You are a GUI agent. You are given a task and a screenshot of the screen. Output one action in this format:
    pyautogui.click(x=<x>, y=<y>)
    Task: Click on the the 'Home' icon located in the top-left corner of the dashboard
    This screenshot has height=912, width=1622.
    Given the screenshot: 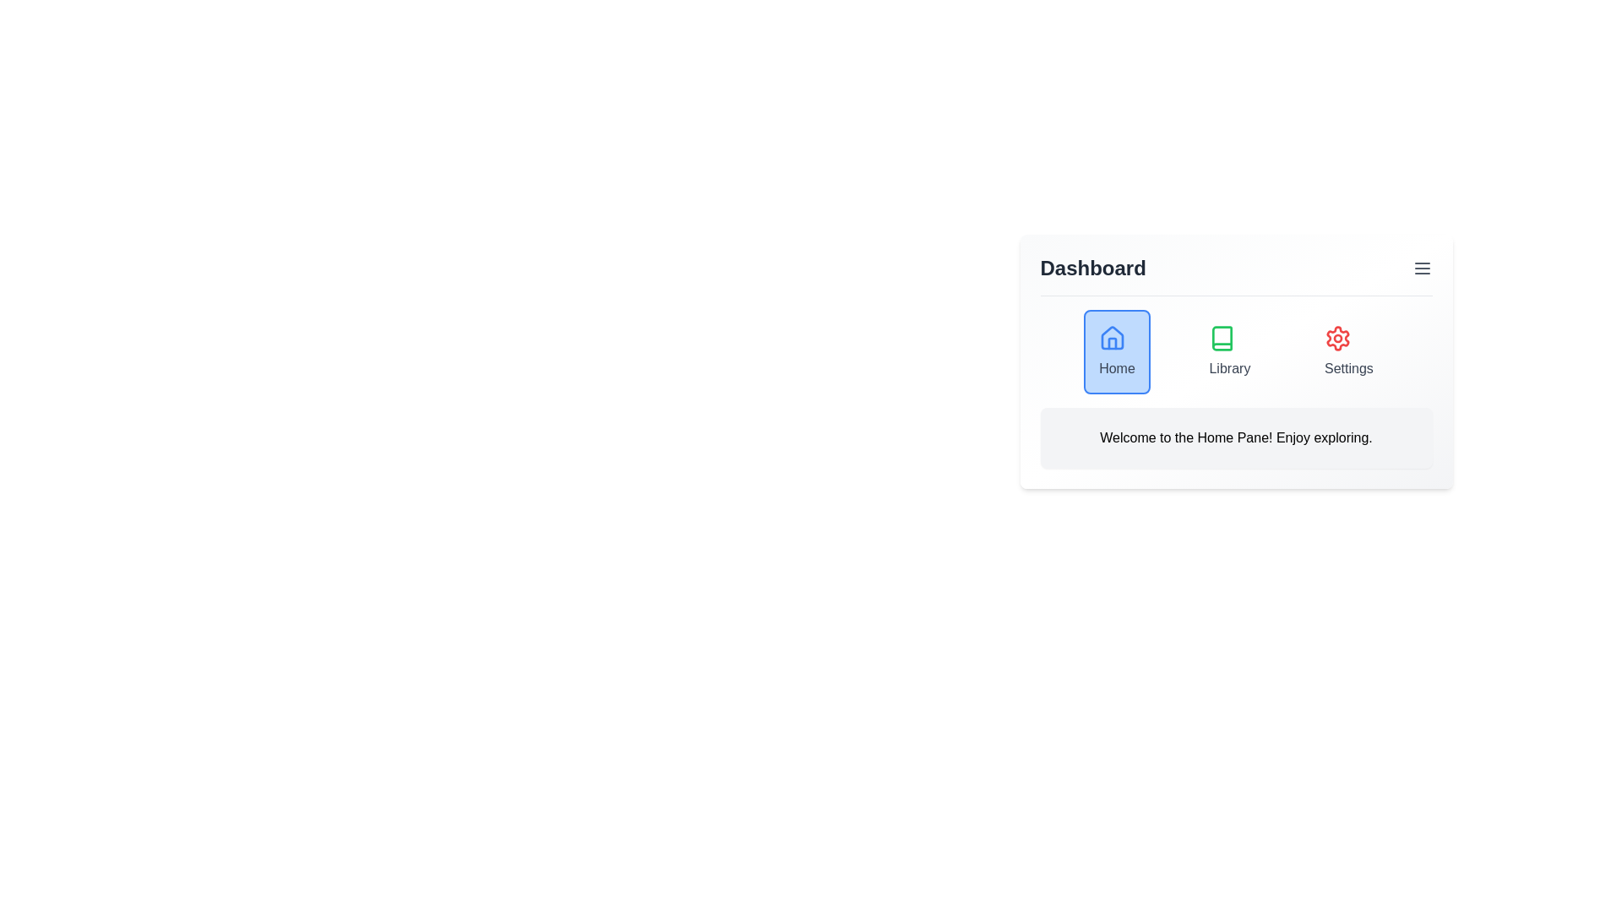 What is the action you would take?
    pyautogui.click(x=1112, y=339)
    